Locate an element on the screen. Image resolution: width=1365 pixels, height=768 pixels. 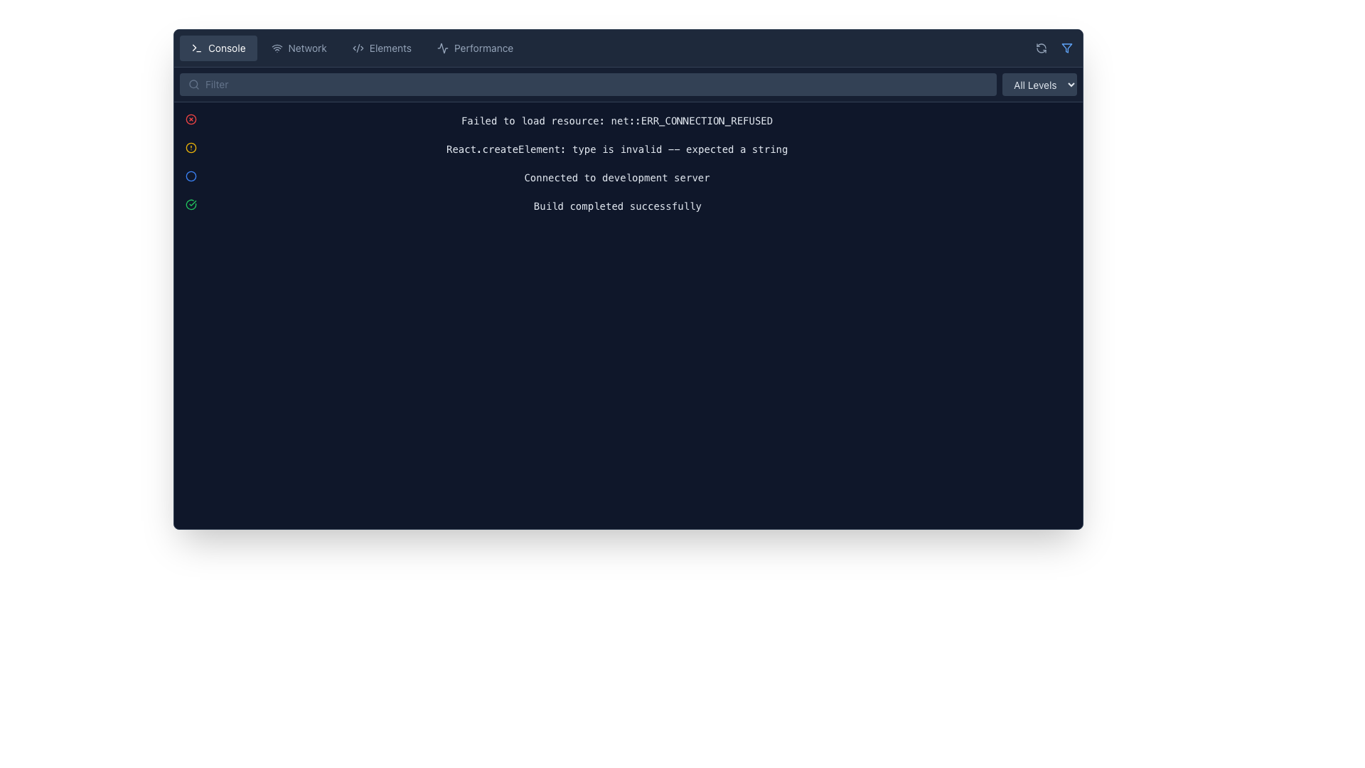
the 'Network' text label, which is styled with a small, sans-serif font and located in the header navigation next to a Wi-Fi icon is located at coordinates (306, 48).